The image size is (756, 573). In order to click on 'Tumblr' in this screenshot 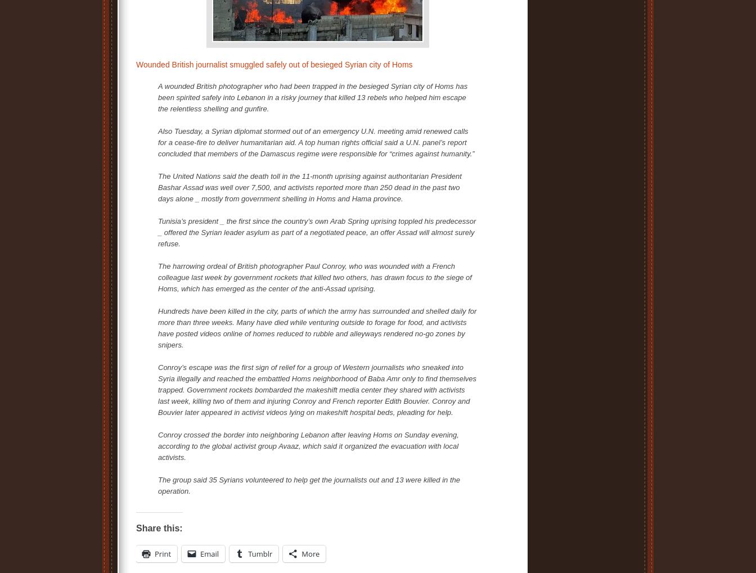, I will do `click(260, 553)`.